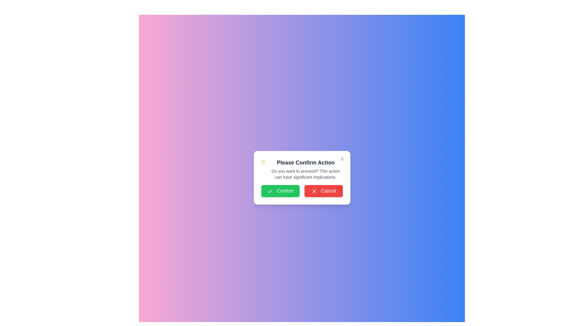 This screenshot has width=580, height=326. What do you see at coordinates (306, 162) in the screenshot?
I see `the Text label at the top of the modal dialog, which serves as the title indicating the purpose of the dialog` at bounding box center [306, 162].